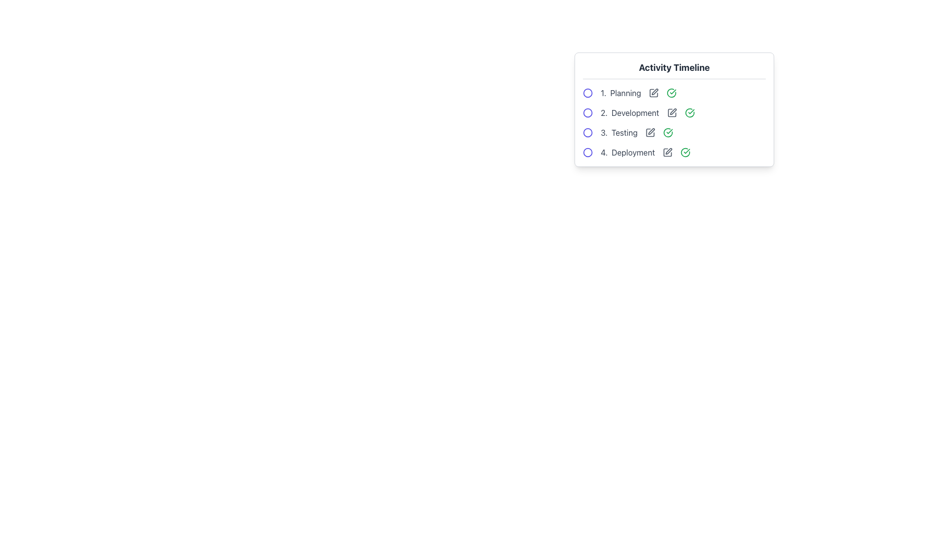 The width and height of the screenshot is (951, 535). Describe the element at coordinates (674, 132) in the screenshot. I see `the 'Testing' activity element in the Activity Timeline` at that location.